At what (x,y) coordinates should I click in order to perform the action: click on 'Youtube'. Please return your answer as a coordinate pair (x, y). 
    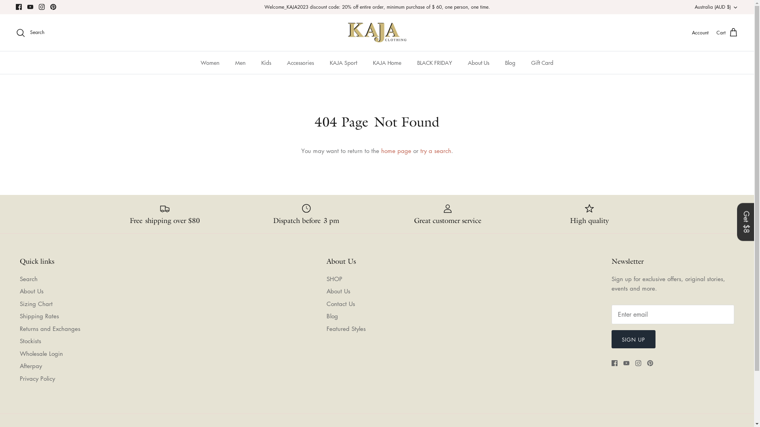
    Looking at the image, I should click on (30, 7).